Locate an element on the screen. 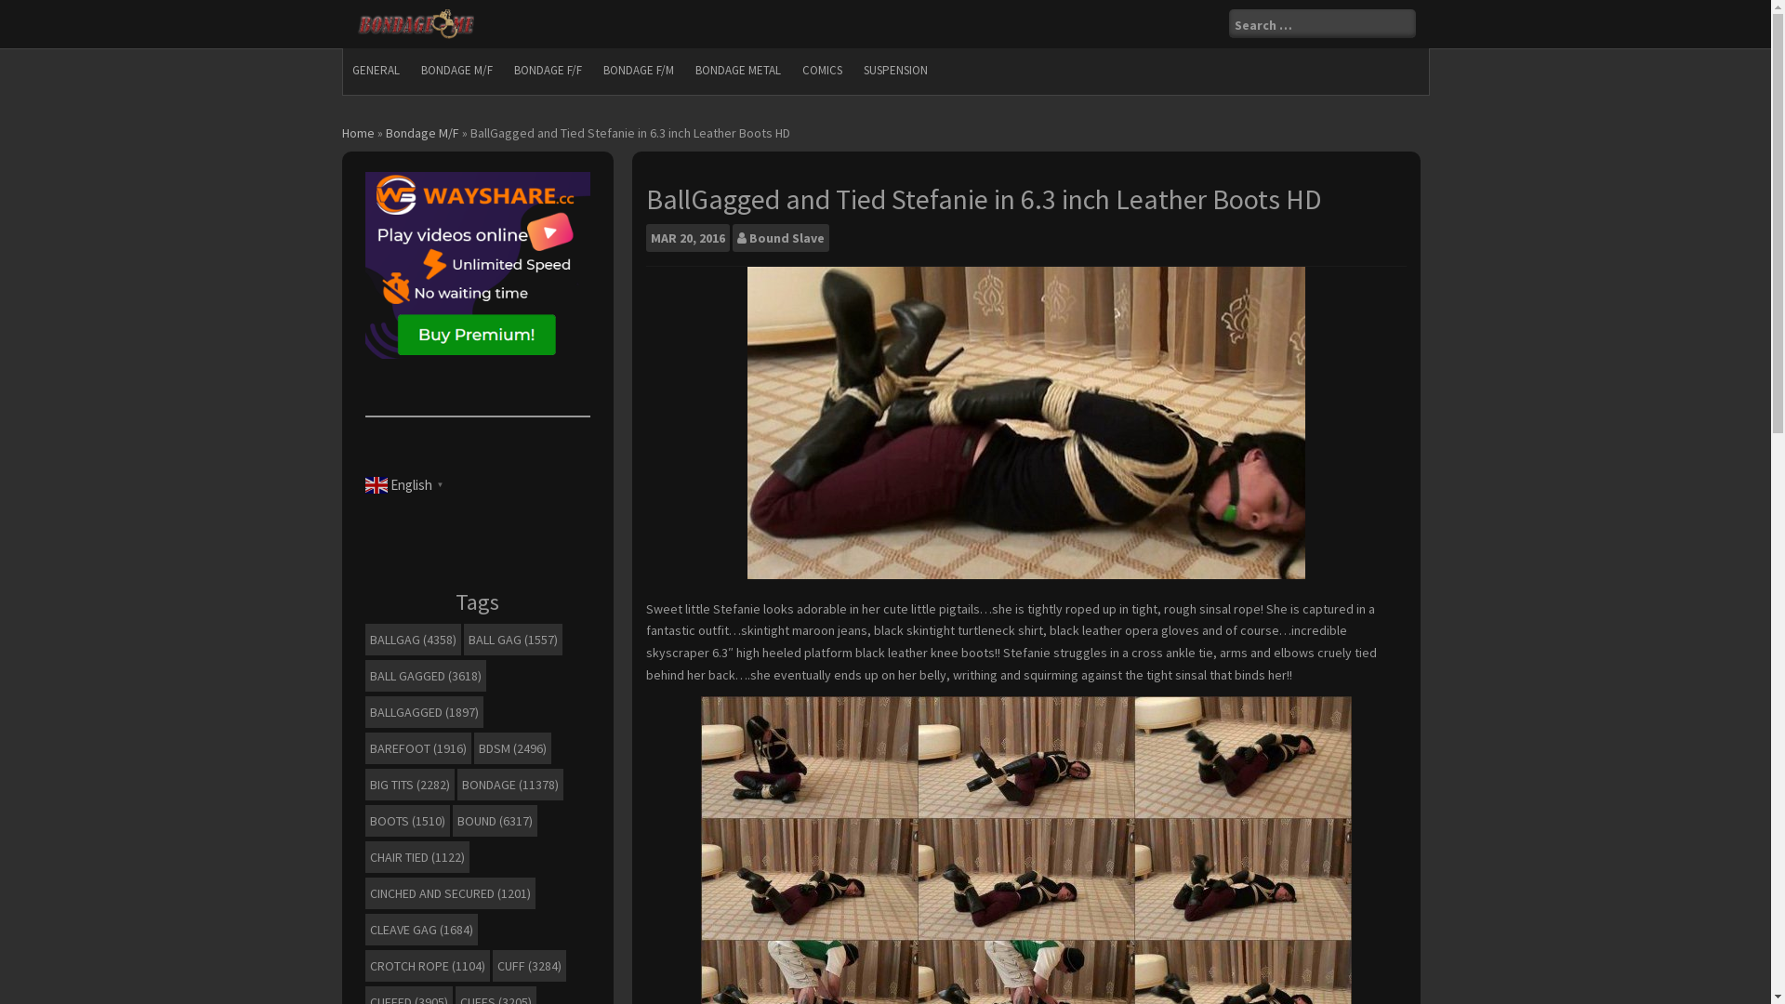  'BONDAGE M/F' is located at coordinates (456, 70).